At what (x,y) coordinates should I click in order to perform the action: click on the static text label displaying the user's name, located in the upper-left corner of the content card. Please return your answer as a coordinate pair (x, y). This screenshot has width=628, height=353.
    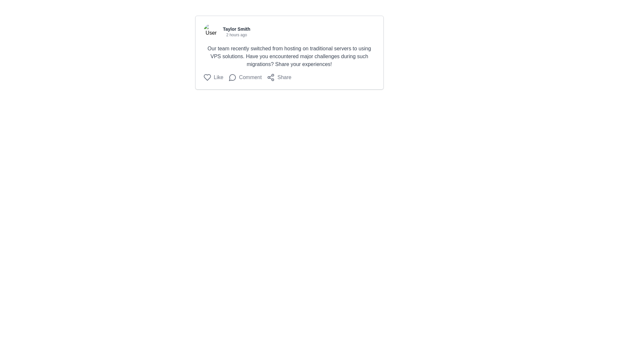
    Looking at the image, I should click on (236, 28).